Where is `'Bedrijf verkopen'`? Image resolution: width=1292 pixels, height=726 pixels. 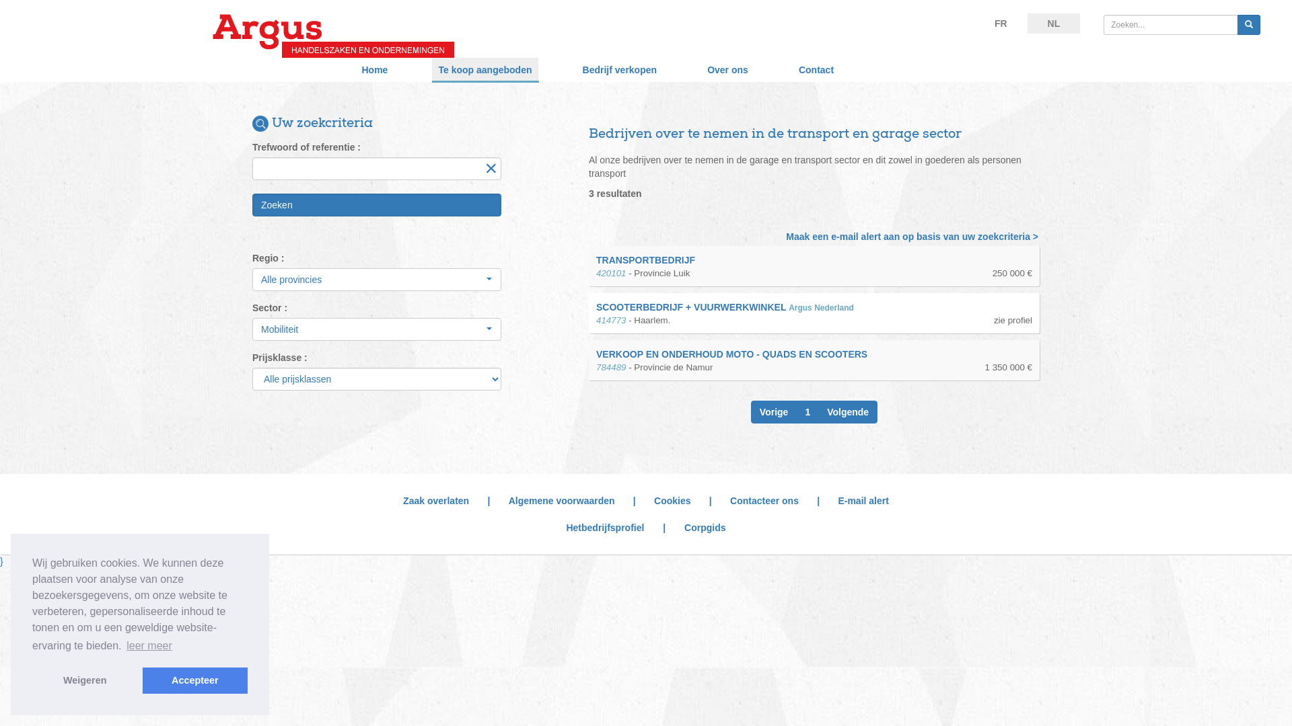 'Bedrijf verkopen' is located at coordinates (619, 70).